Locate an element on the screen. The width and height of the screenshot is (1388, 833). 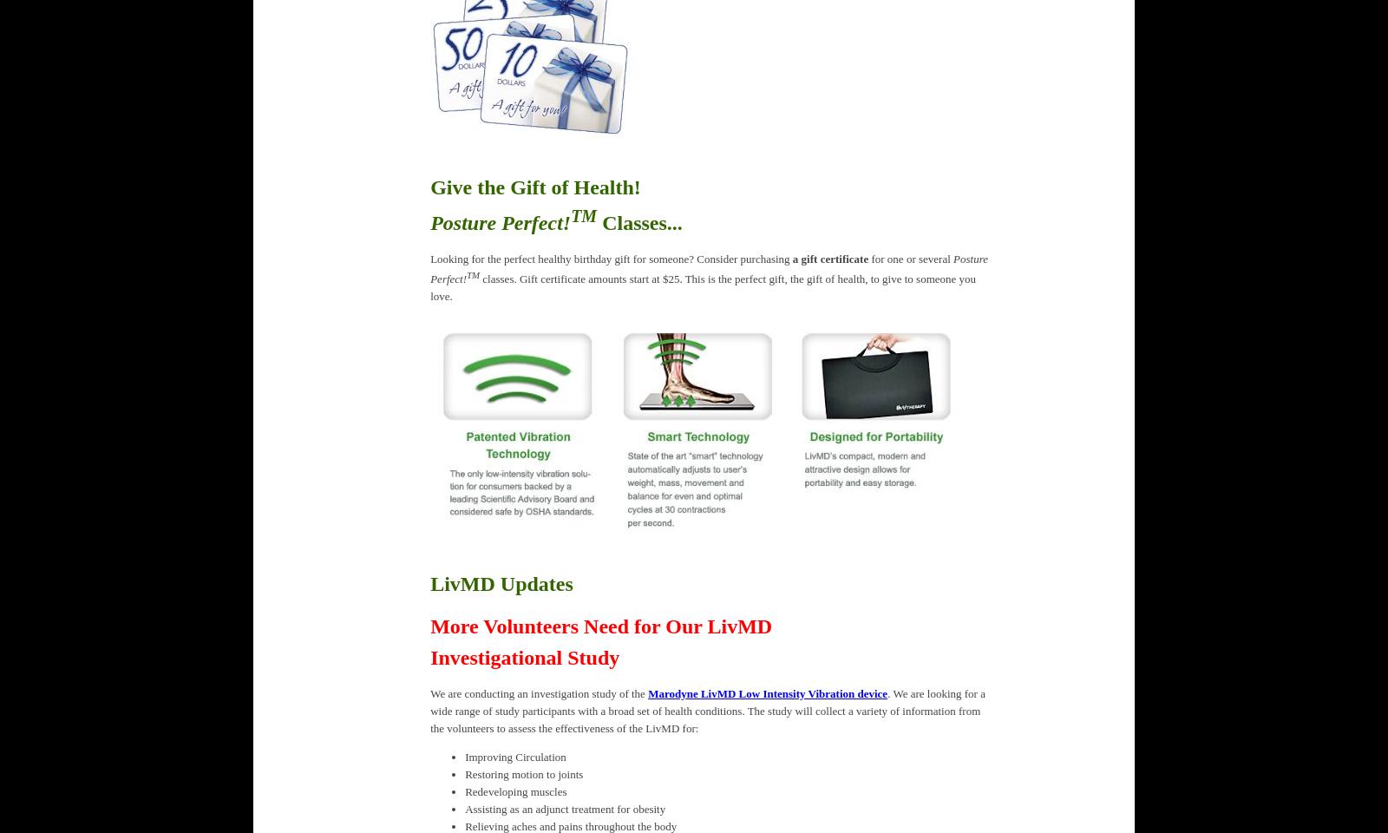
'estoring motion to joints' is located at coordinates (527, 773).